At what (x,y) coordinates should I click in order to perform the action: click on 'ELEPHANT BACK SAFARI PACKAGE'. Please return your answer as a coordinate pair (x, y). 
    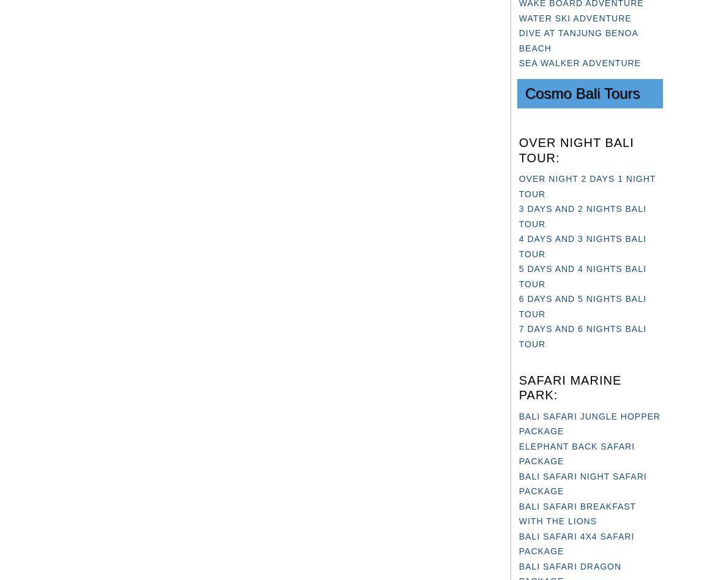
    Looking at the image, I should click on (576, 453).